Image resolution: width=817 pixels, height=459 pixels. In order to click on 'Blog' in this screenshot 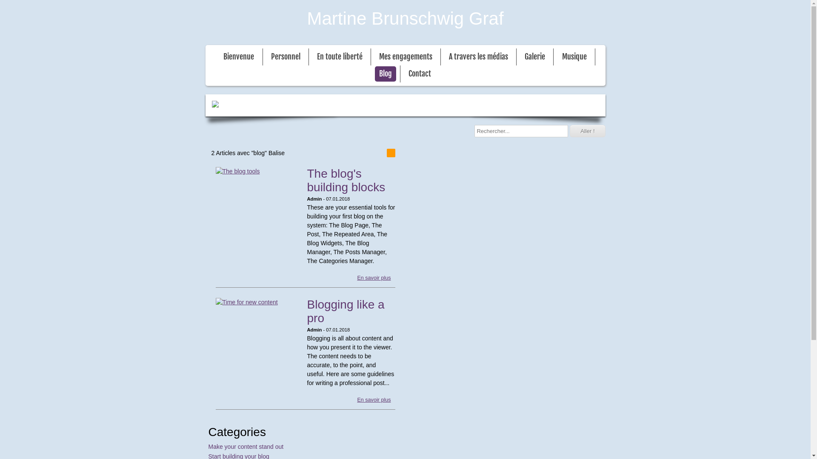, I will do `click(374, 73)`.